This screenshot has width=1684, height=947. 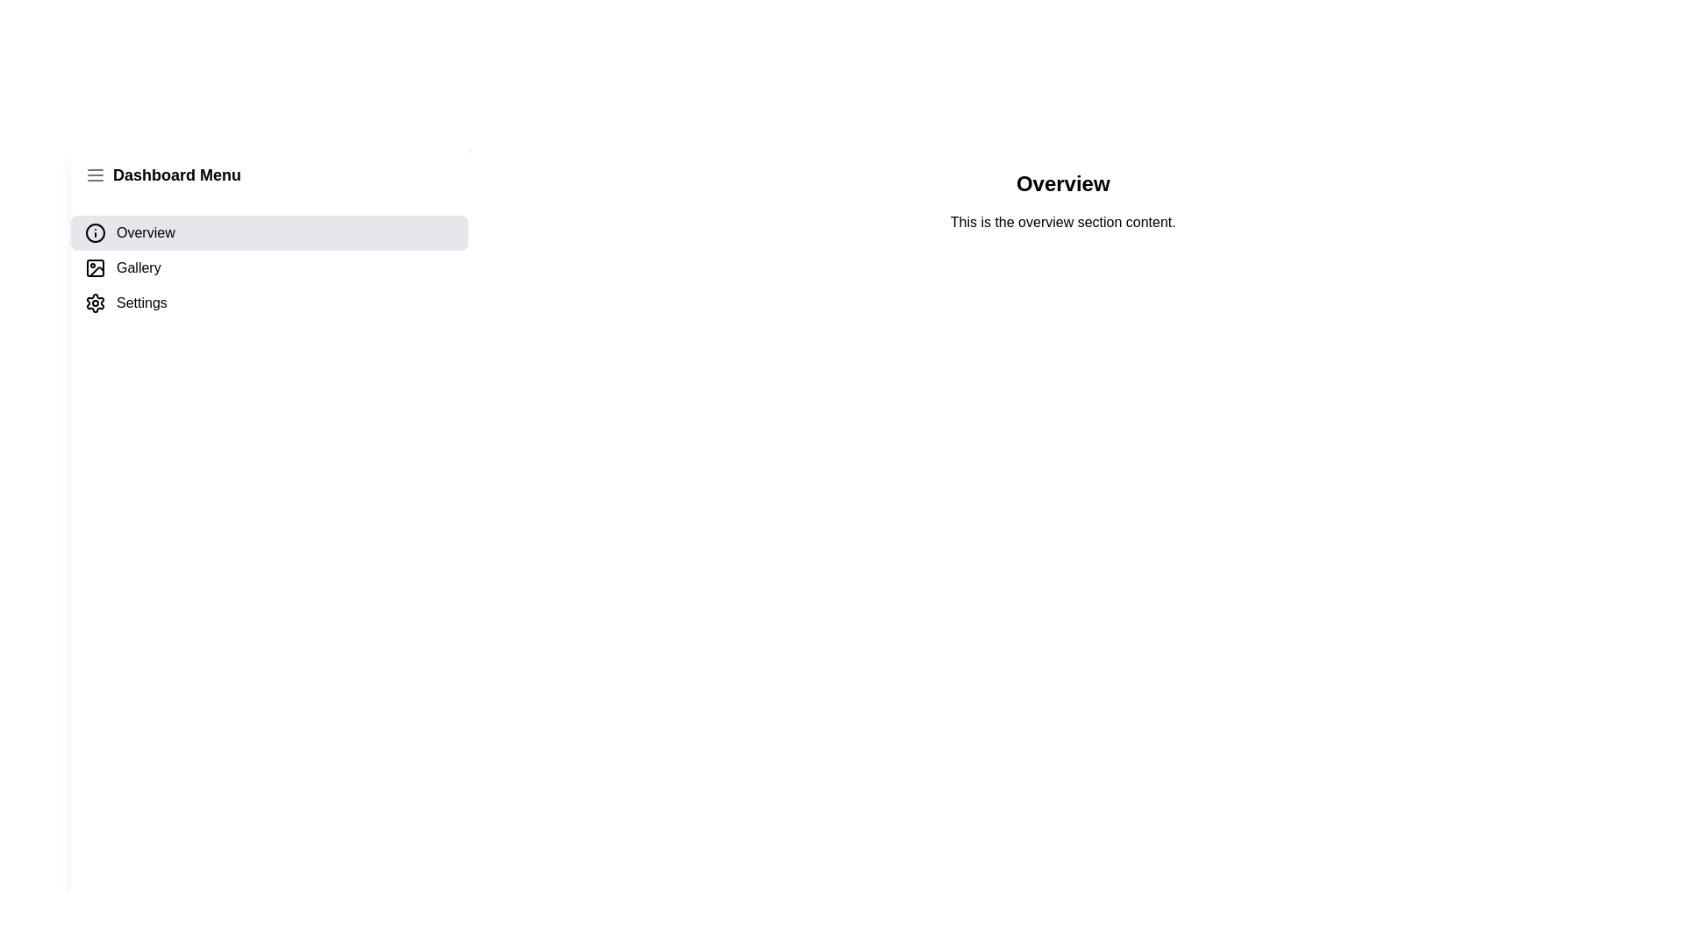 What do you see at coordinates (268, 267) in the screenshot?
I see `the menu item corresponding to Gallery` at bounding box center [268, 267].